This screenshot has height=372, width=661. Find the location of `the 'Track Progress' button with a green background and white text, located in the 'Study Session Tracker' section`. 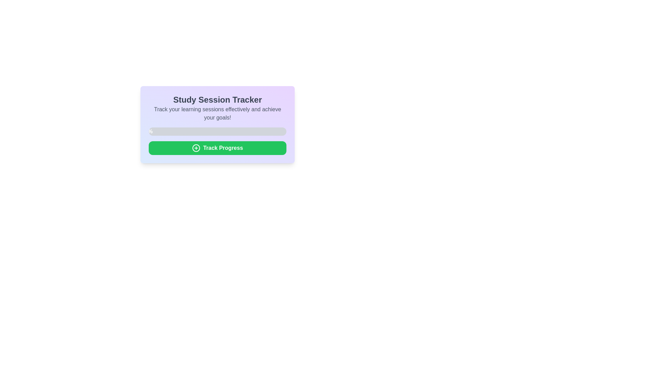

the 'Track Progress' button with a green background and white text, located in the 'Study Session Tracker' section is located at coordinates (217, 147).